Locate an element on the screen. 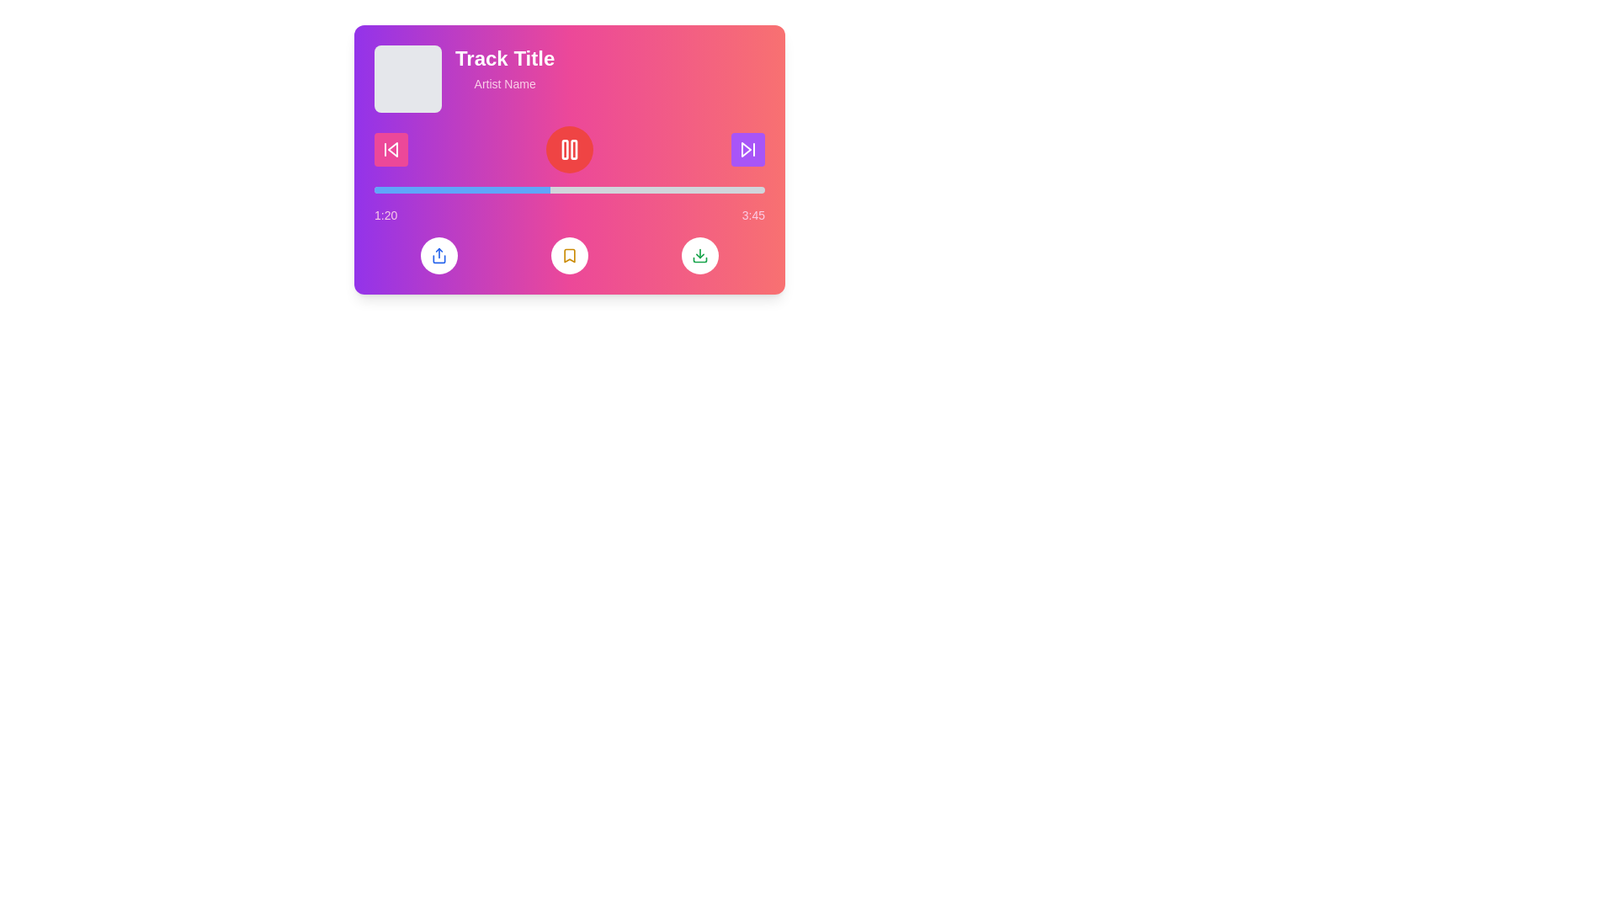  playback progress is located at coordinates (416, 189).